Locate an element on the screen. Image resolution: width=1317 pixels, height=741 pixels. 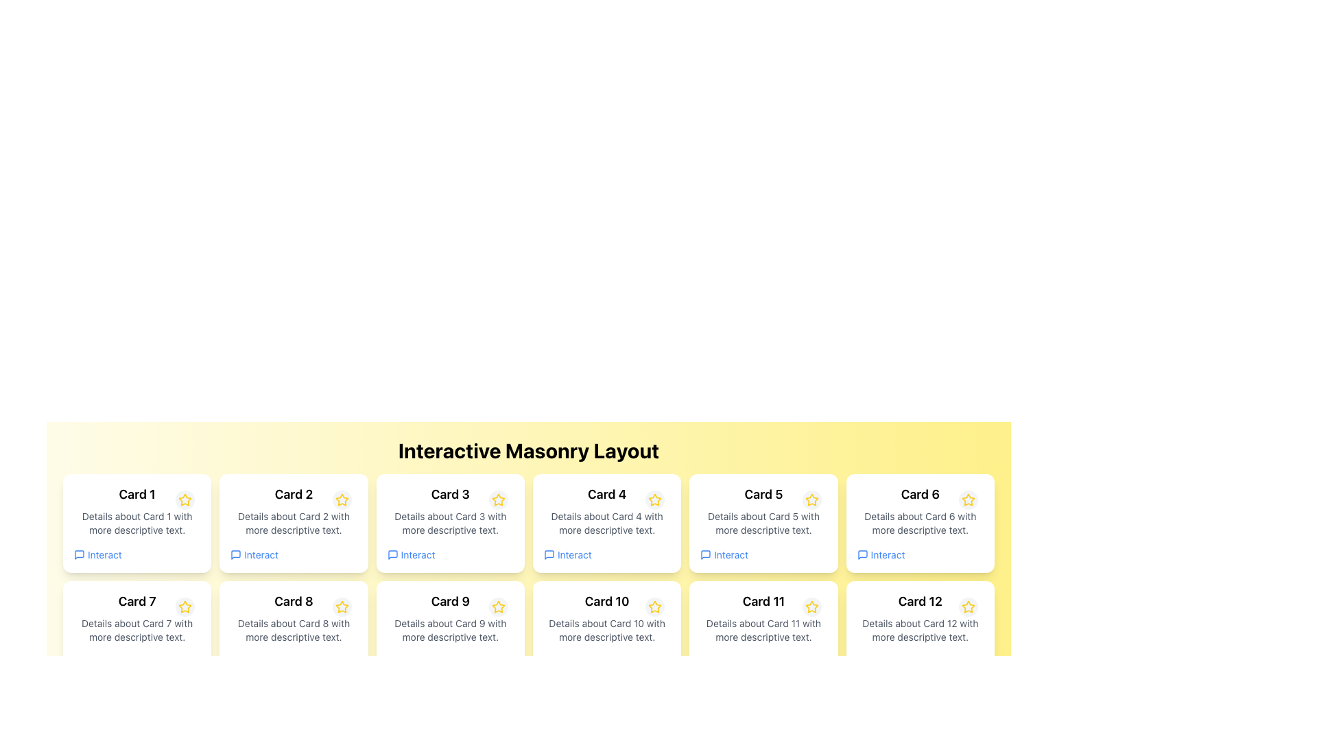
the chat bubble icon located in the second card of the top row is located at coordinates (236, 554).